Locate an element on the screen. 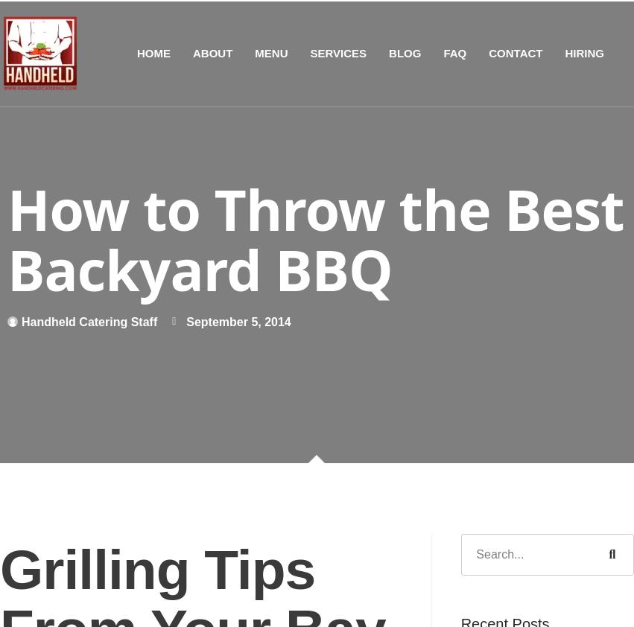  'HOME' is located at coordinates (153, 51).